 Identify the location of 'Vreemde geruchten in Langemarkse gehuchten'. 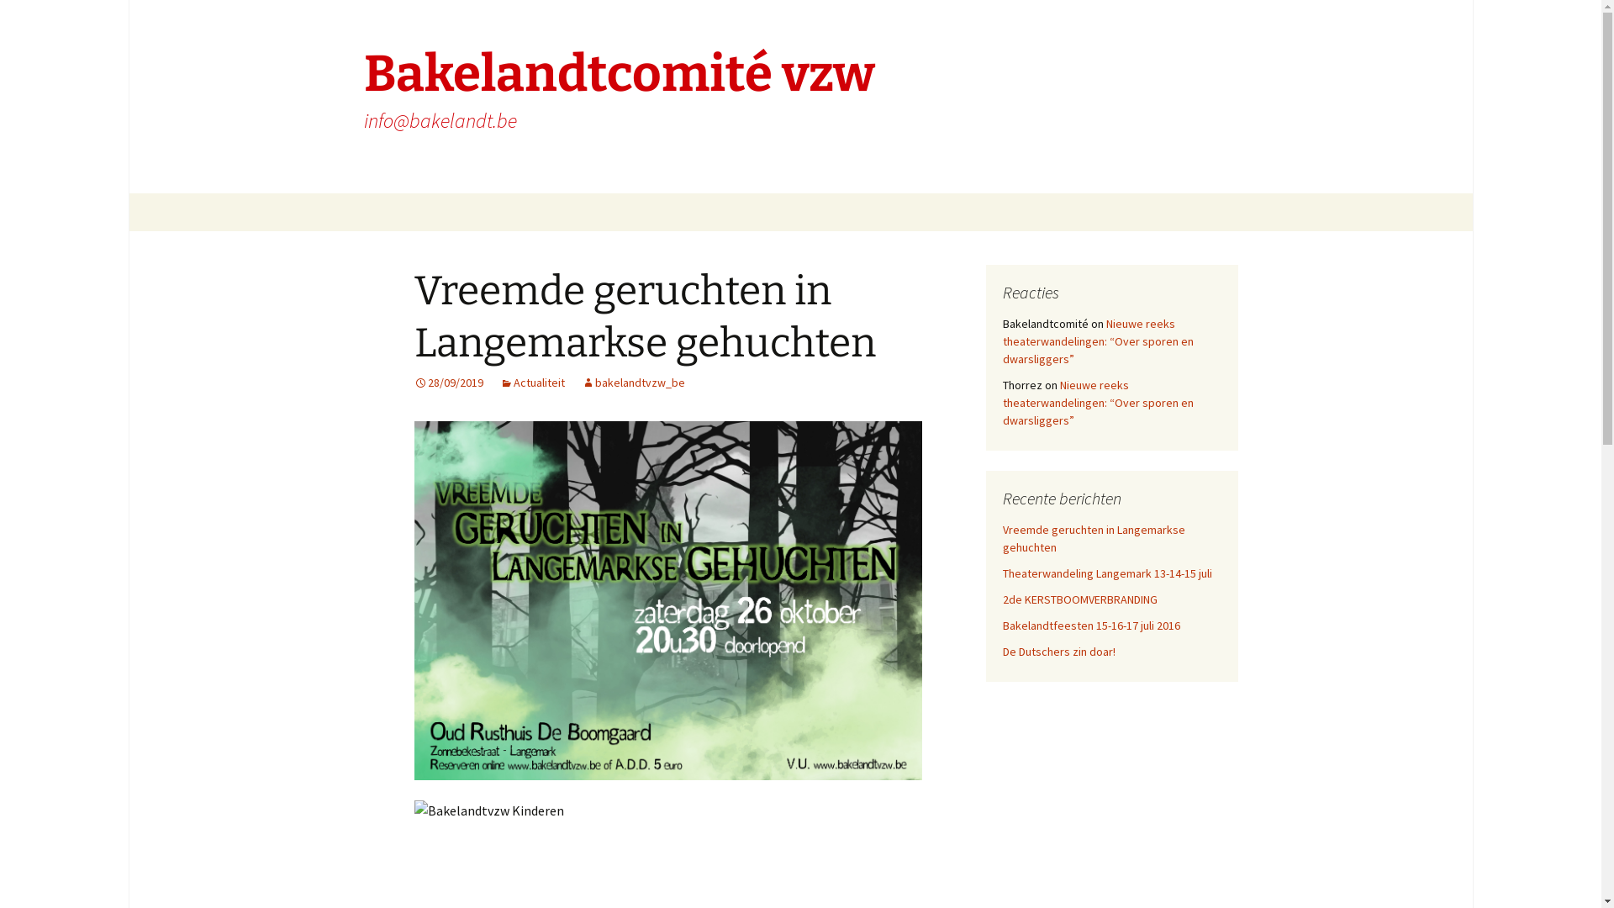
(1093, 538).